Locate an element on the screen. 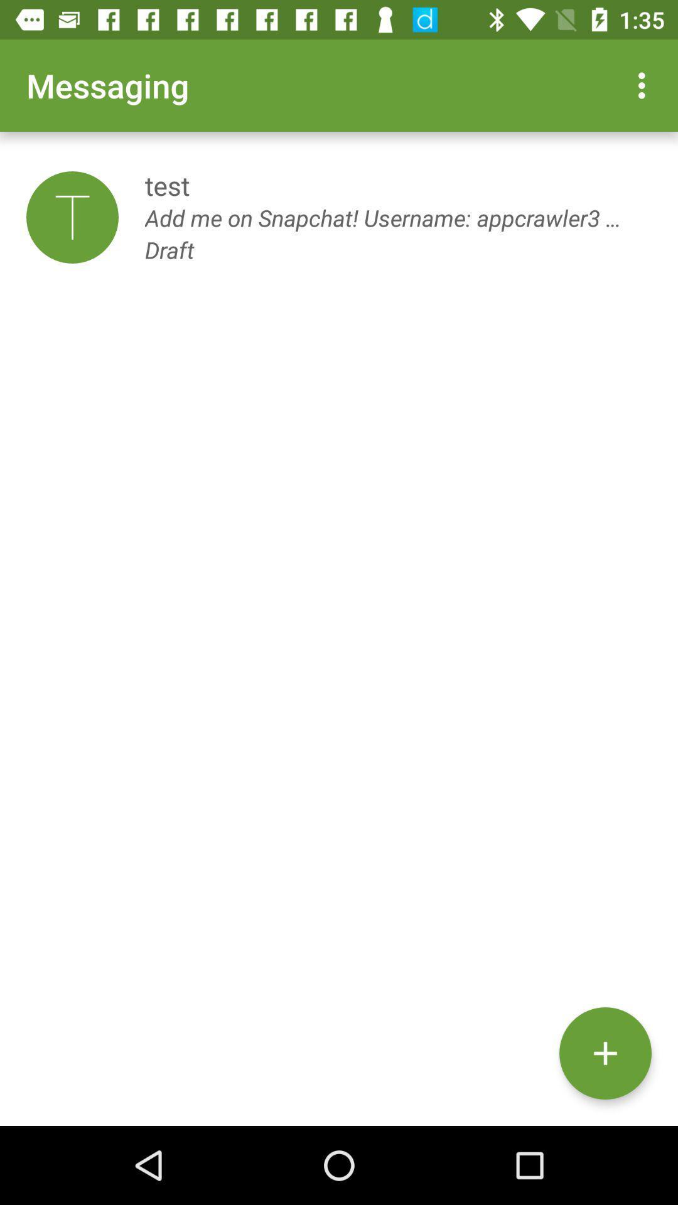 The height and width of the screenshot is (1205, 678). item at the bottom right corner is located at coordinates (605, 1053).